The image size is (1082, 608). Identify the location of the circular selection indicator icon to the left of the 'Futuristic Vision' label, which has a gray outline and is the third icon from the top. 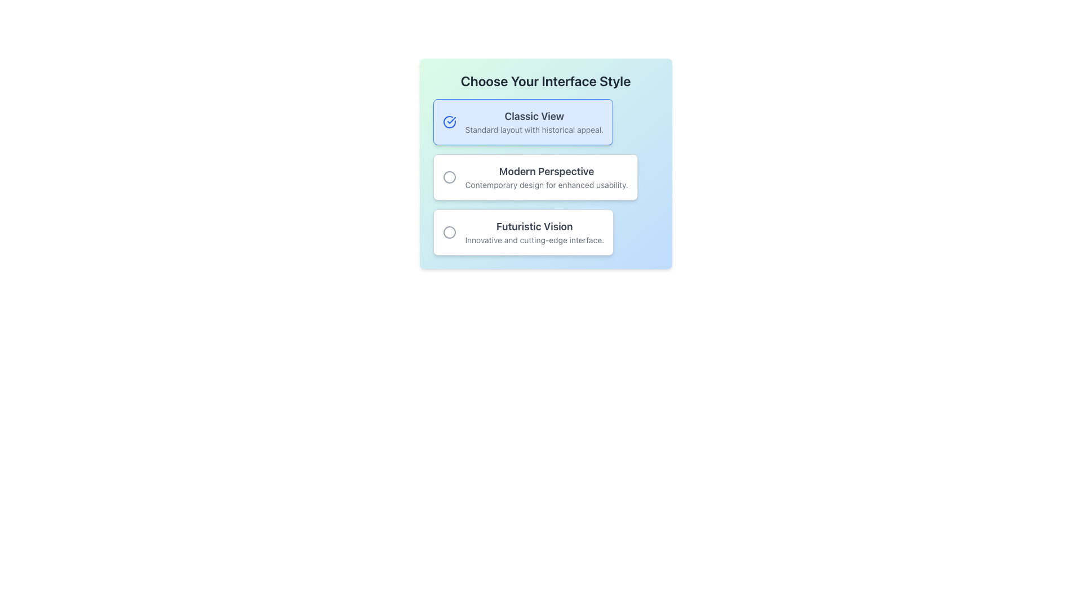
(449, 231).